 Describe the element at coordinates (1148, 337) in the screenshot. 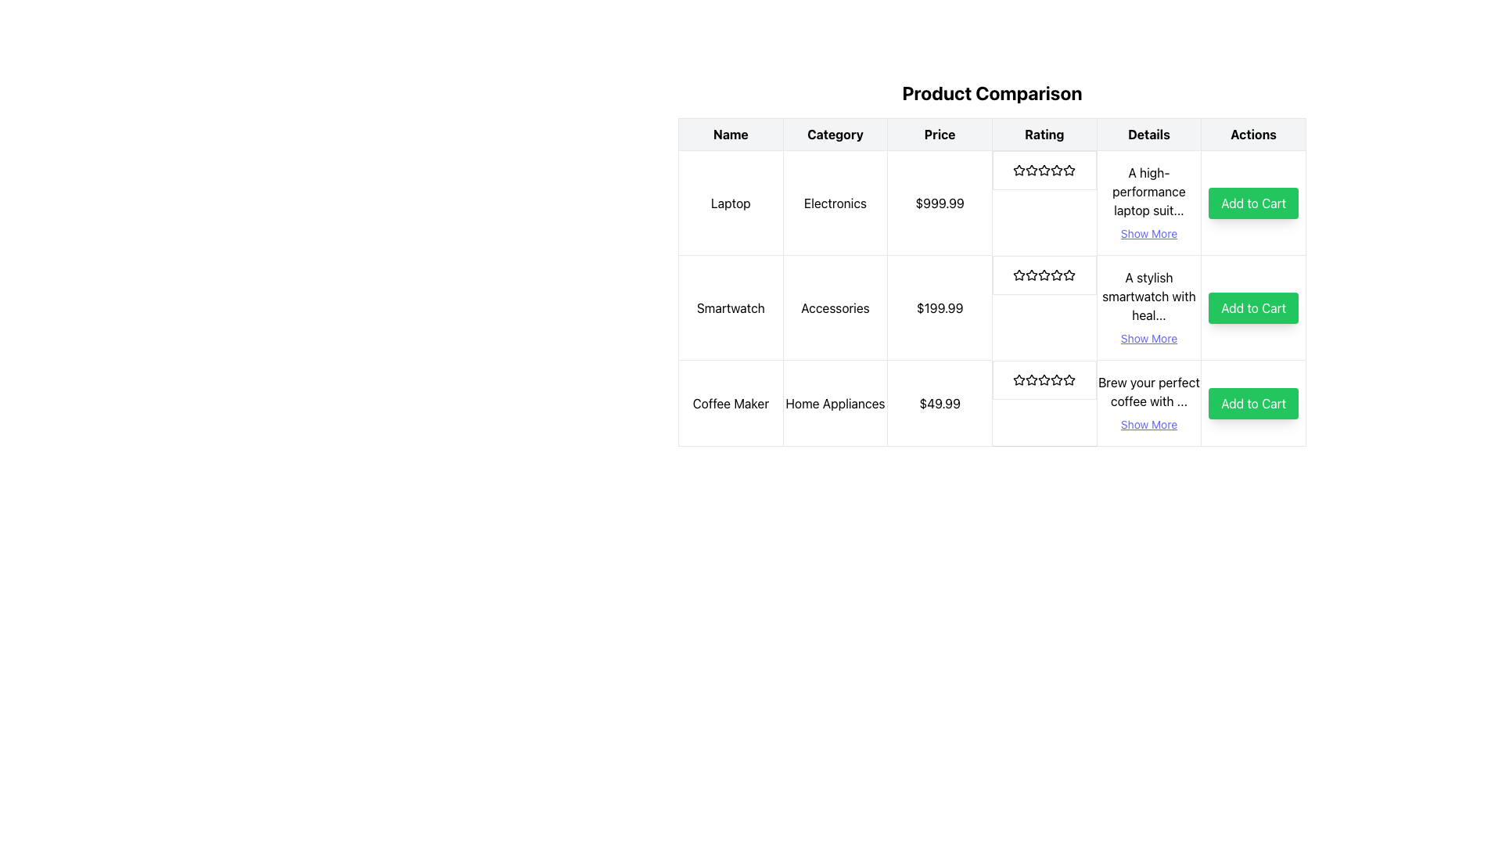

I see `the 'Show More' link styled in blue and underlined text, located in the 'Details' column of the second row in the table corresponding to the 'Smartwatch' entry` at that location.